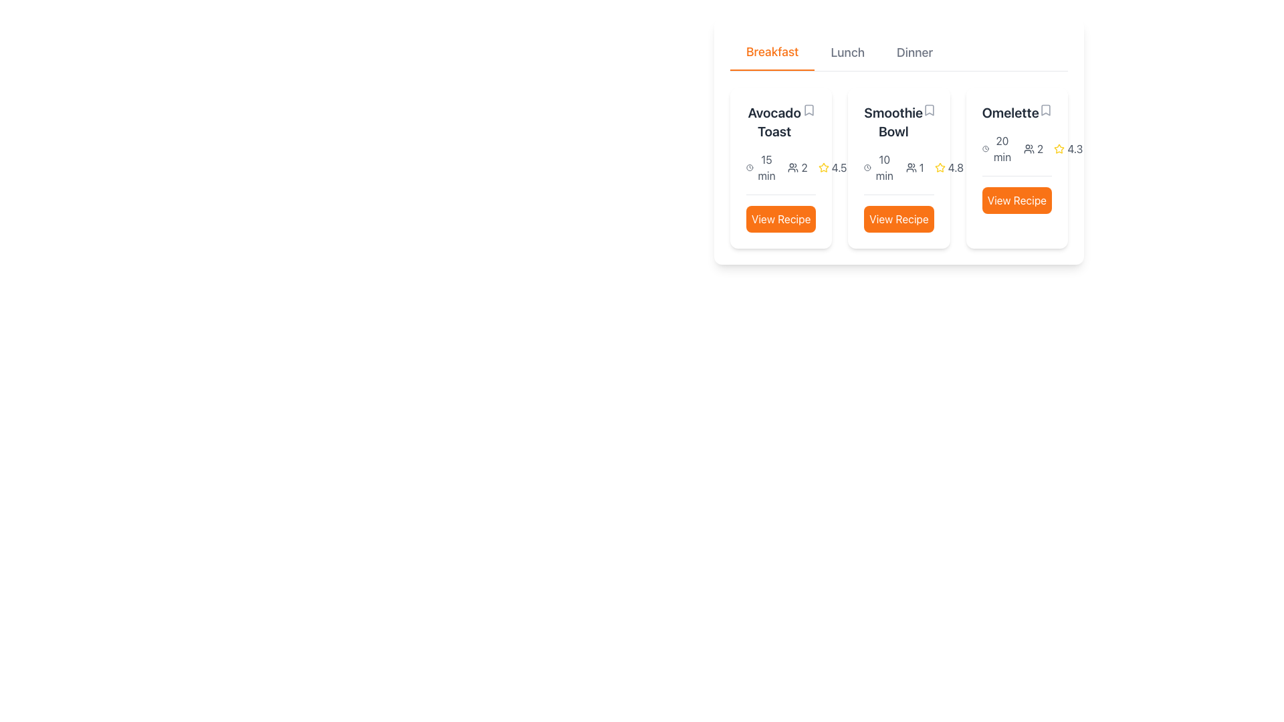 The width and height of the screenshot is (1284, 722). What do you see at coordinates (766, 166) in the screenshot?
I see `the text label displaying '15 min' located near the clock icon in the first card of the 'Avocado Toast' recipe for potential tooltip information` at bounding box center [766, 166].